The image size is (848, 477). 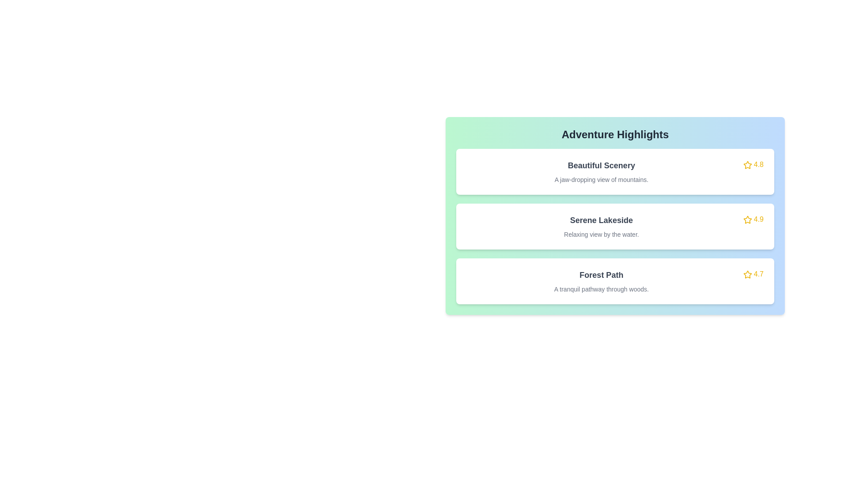 I want to click on the list item Beautiful Scenery to observe its hover effect, so click(x=614, y=172).